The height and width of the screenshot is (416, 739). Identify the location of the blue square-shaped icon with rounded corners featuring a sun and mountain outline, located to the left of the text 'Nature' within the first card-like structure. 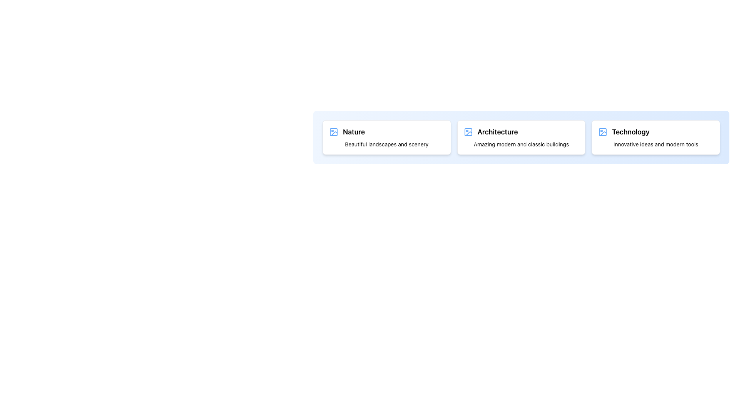
(334, 132).